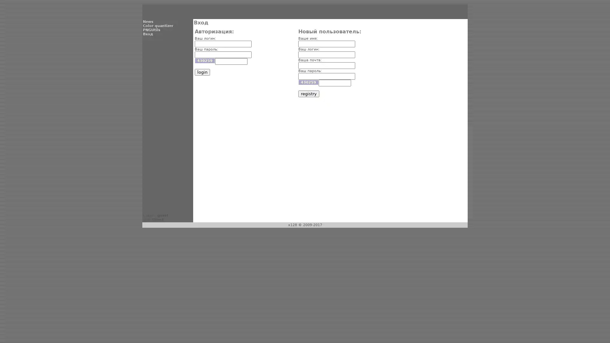 This screenshot has height=343, width=610. I want to click on login, so click(201, 72).